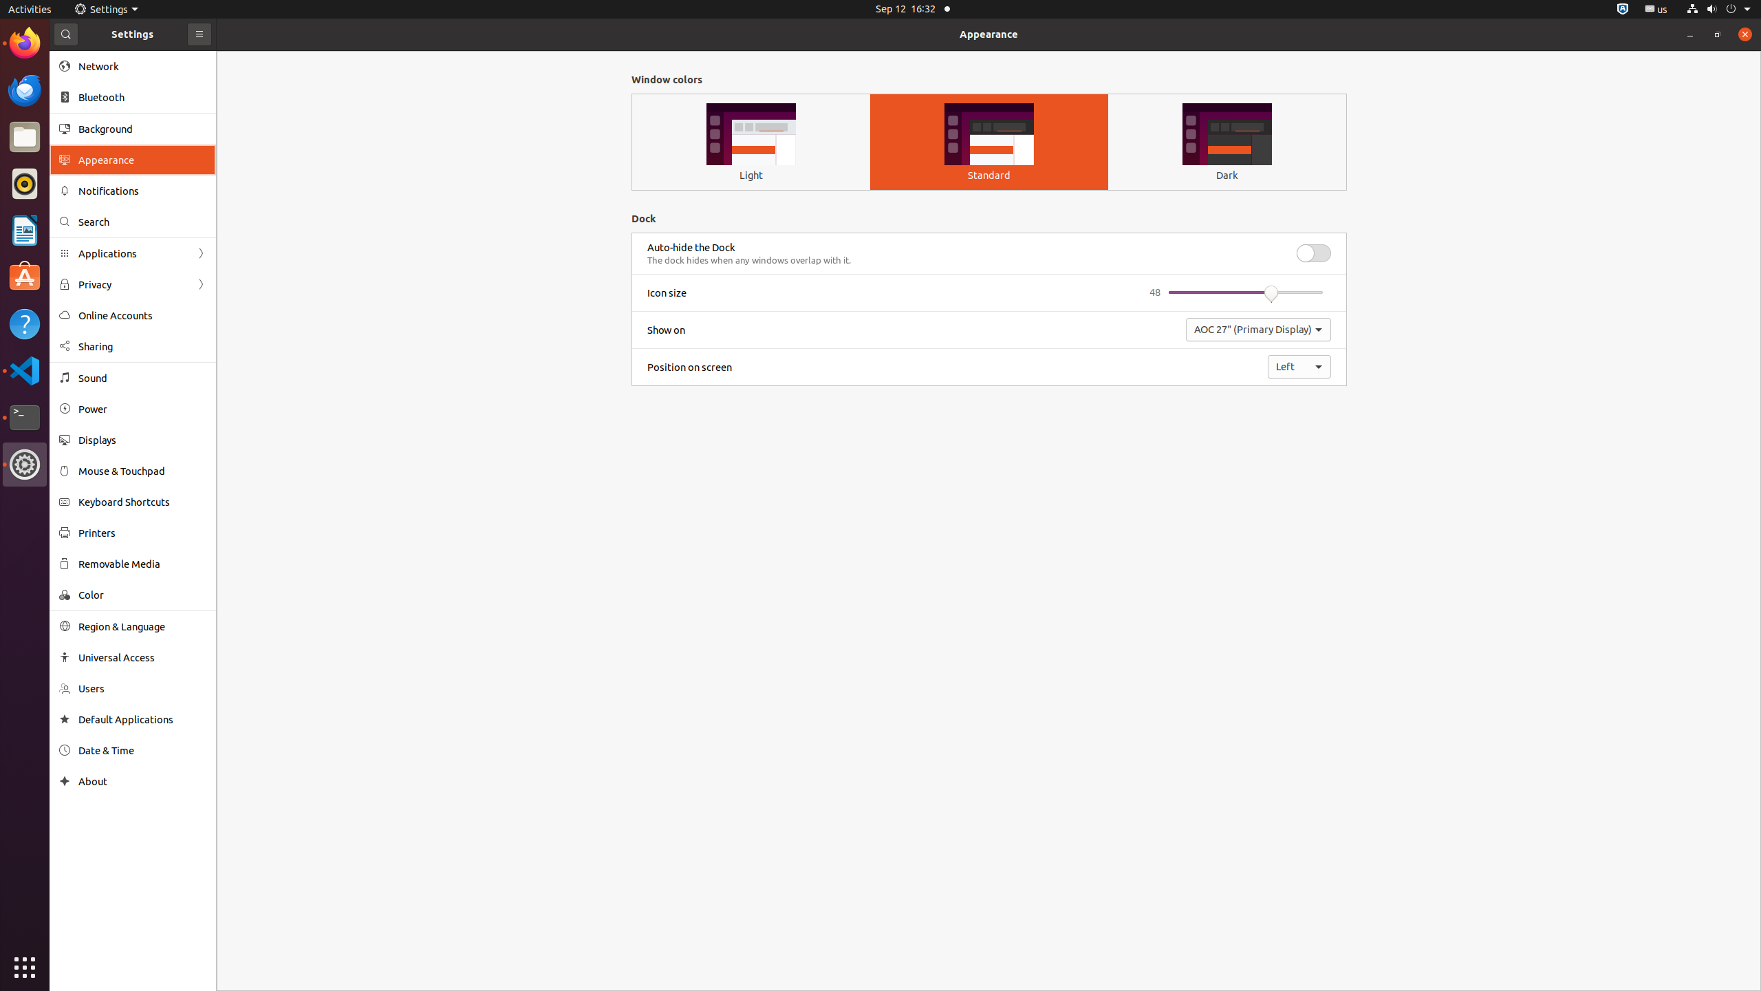 This screenshot has height=991, width=1761. Describe the element at coordinates (142, 470) in the screenshot. I see `'Mouse & Touchpad'` at that location.